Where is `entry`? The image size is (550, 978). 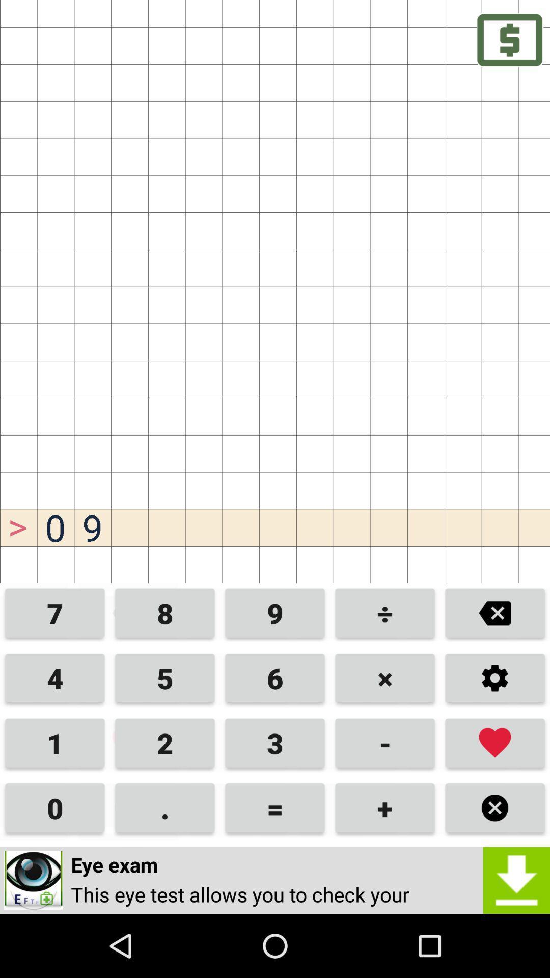
entry is located at coordinates (494, 743).